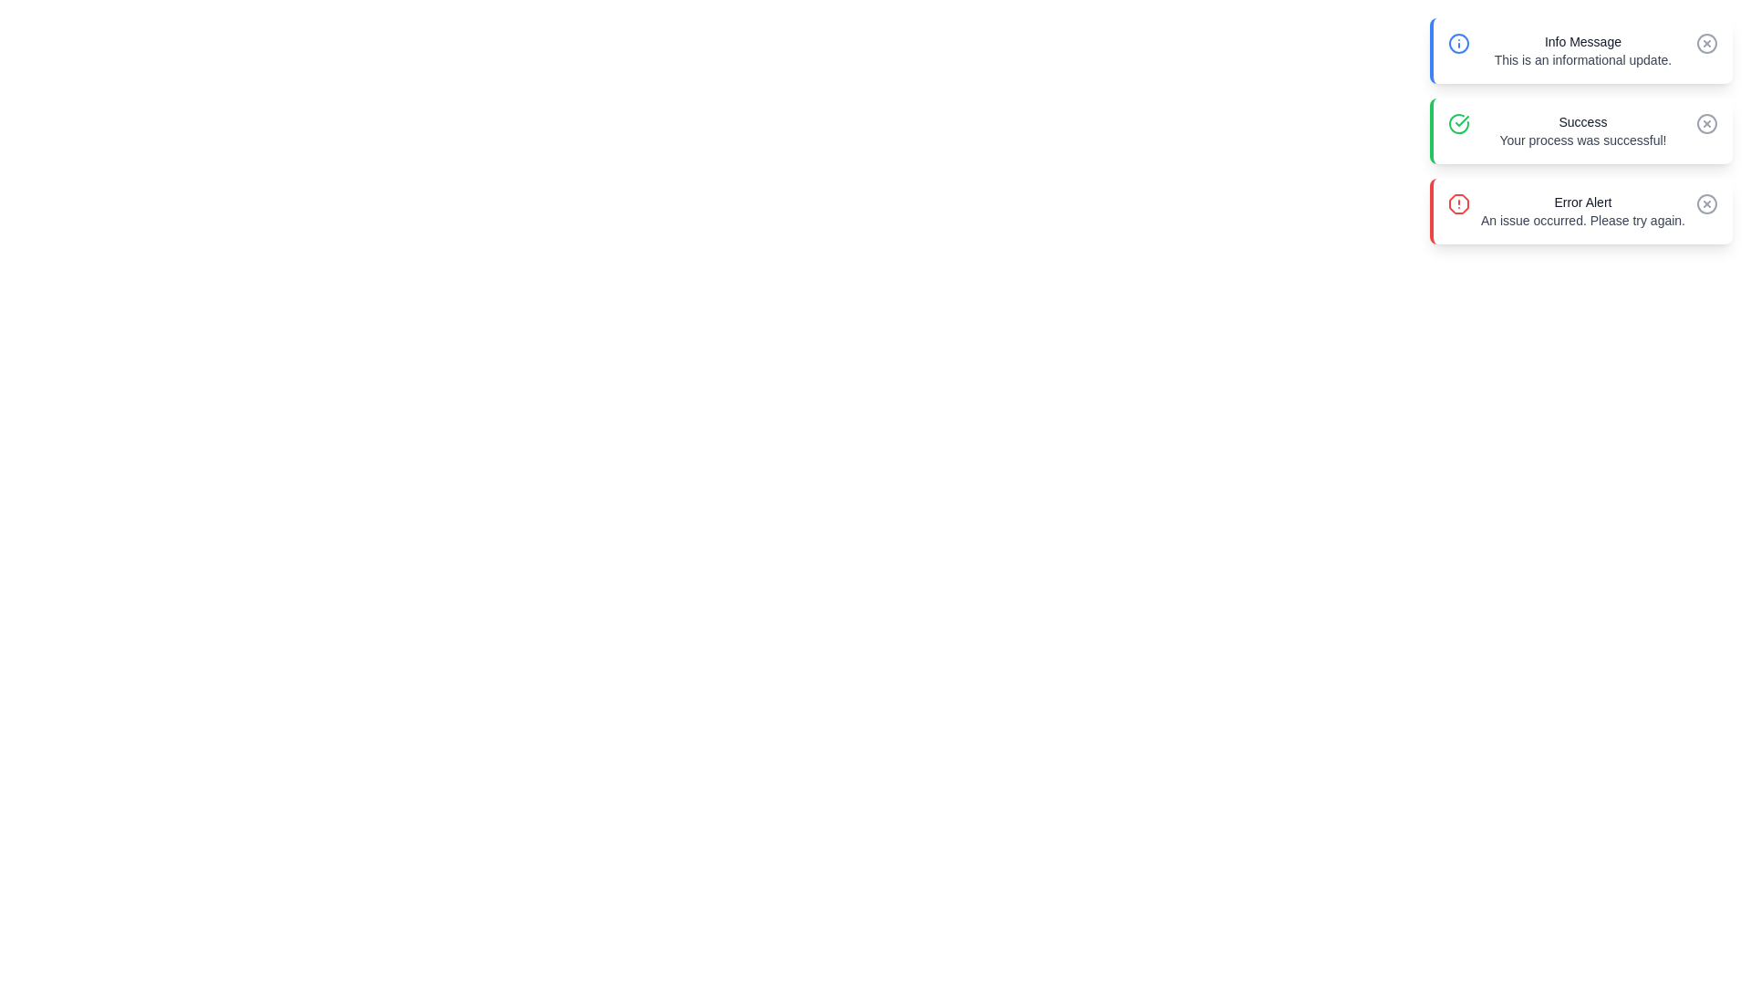 The width and height of the screenshot is (1751, 985). I want to click on the dismissal button located in the top-right corner of the 'Info Message' notification card, so click(1706, 42).